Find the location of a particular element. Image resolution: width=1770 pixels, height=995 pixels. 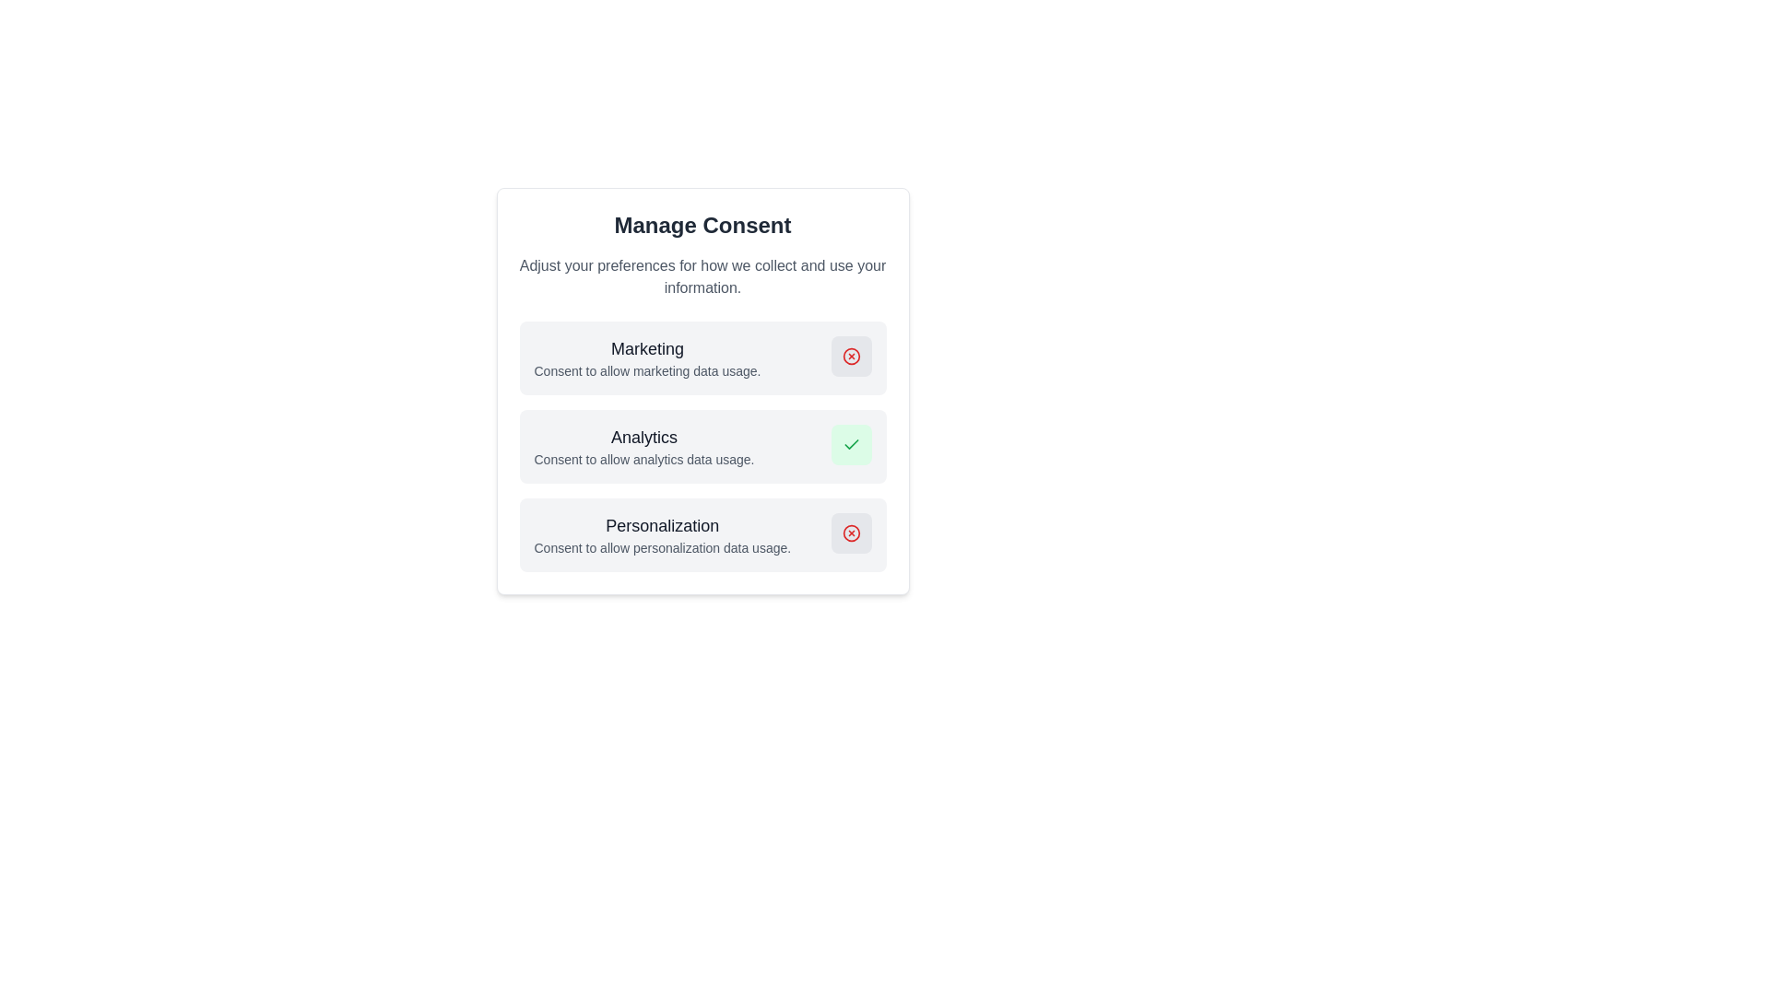

the descriptive text label located directly beneath the bold 'Personalization' title in the 'Manage Consent' section is located at coordinates (662, 546).